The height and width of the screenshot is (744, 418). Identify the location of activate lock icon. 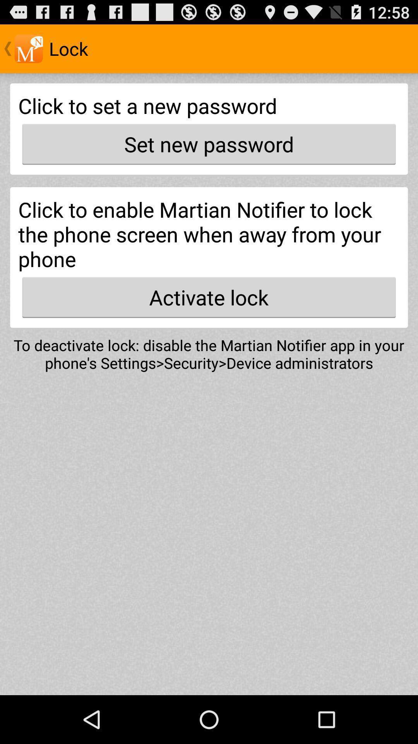
(209, 297).